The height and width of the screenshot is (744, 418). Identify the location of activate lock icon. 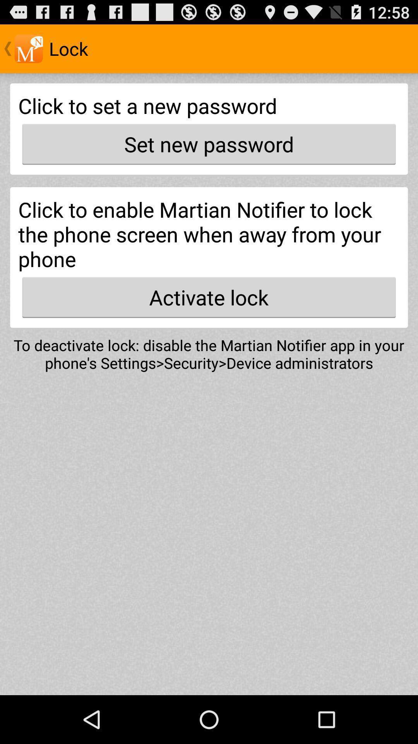
(209, 297).